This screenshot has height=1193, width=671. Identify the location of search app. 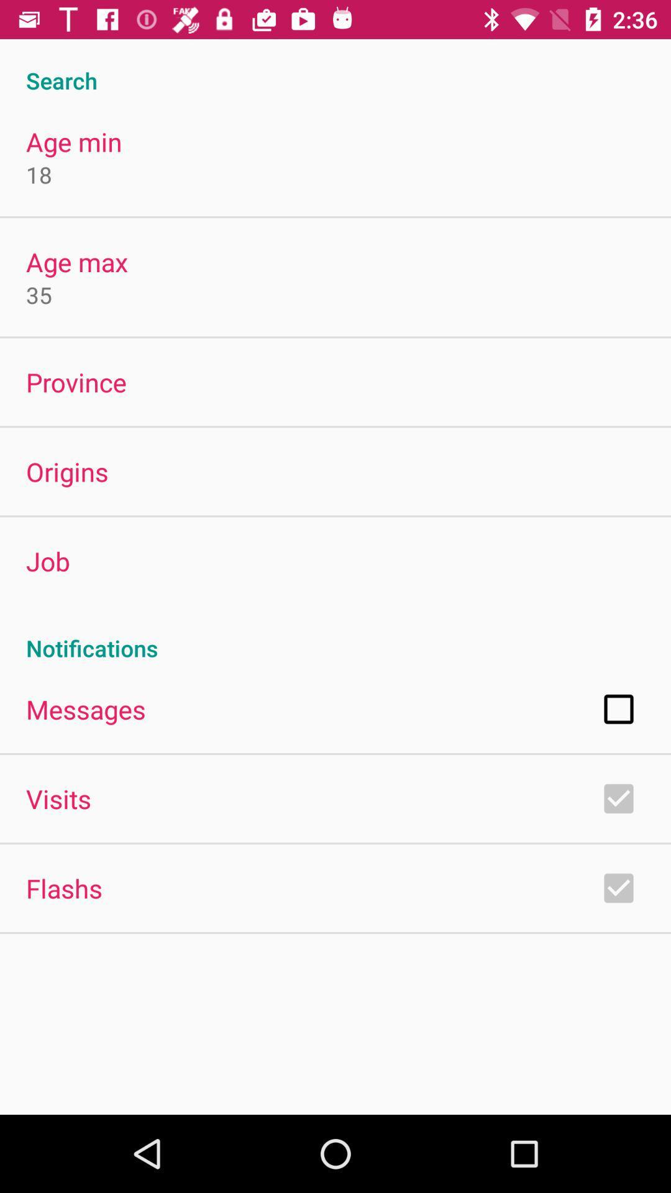
(335, 66).